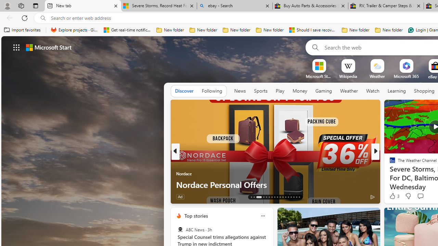  Describe the element at coordinates (389, 30) in the screenshot. I see `'New folder'` at that location.